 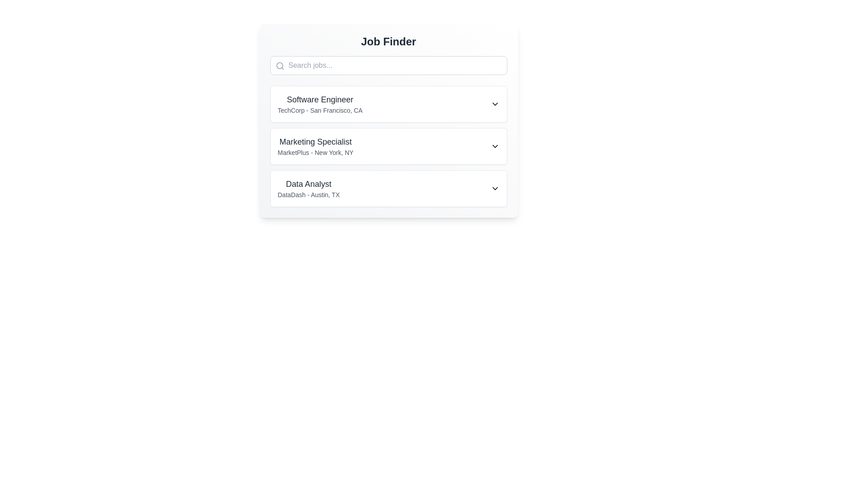 I want to click on the text element that reads 'DataDash - Austin, TX', which is styled in a smaller gray font and positioned below the 'Data Analyst' title, so click(x=308, y=194).